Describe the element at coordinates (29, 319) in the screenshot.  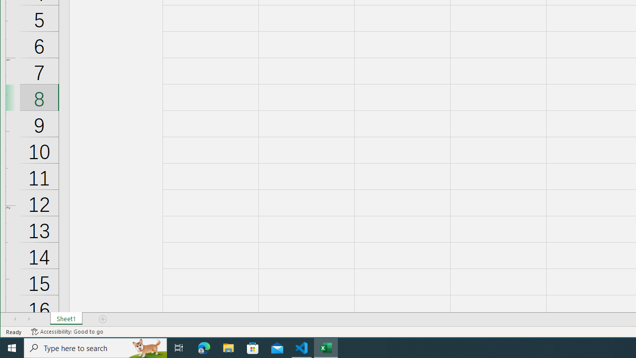
I see `'Scroll Right'` at that location.